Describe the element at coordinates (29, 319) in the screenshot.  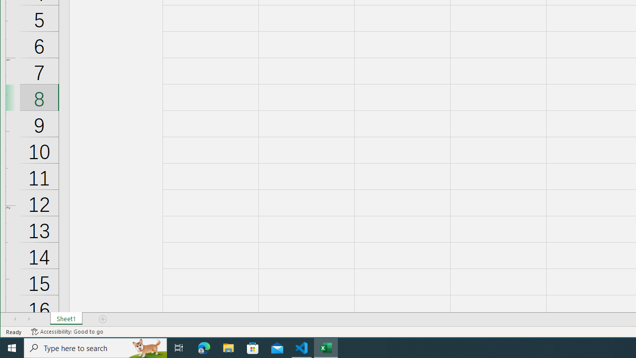
I see `'Scroll Right'` at that location.